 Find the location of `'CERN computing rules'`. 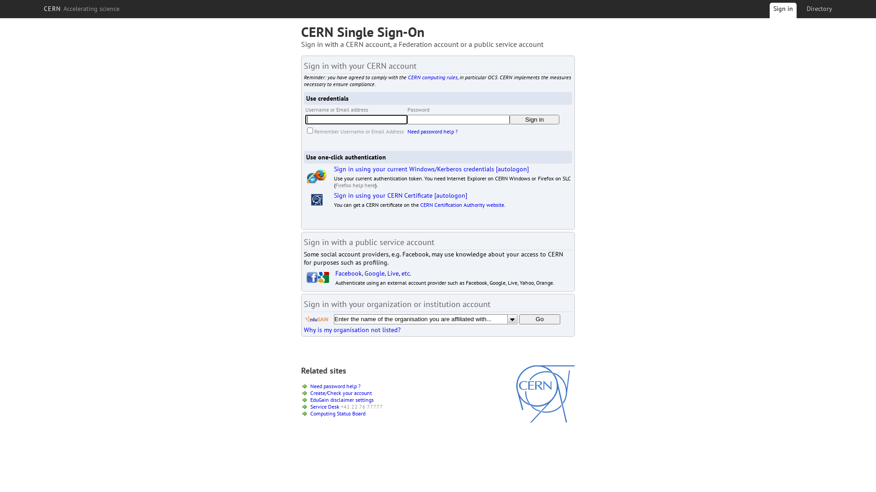

'CERN computing rules' is located at coordinates (407, 77).